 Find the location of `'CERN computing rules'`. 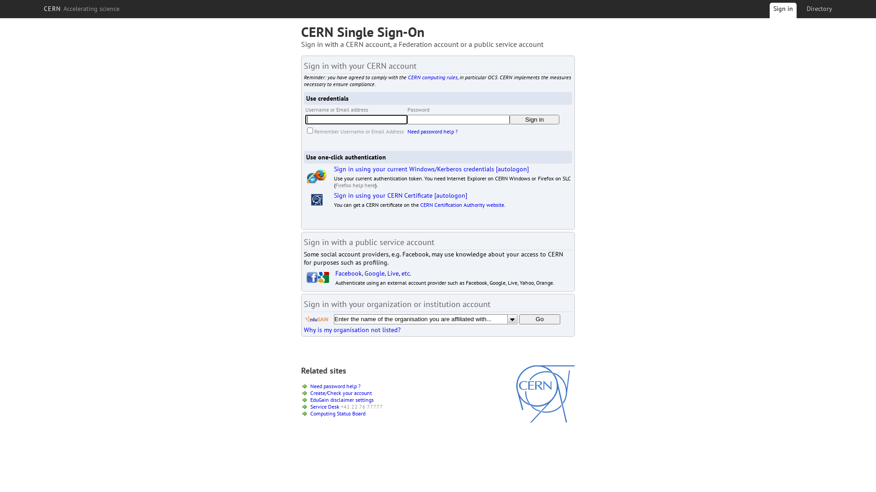

'CERN computing rules' is located at coordinates (407, 77).